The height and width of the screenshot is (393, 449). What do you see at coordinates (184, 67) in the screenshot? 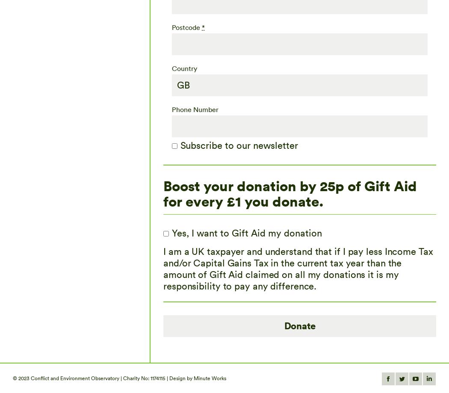
I see `'Country'` at bounding box center [184, 67].